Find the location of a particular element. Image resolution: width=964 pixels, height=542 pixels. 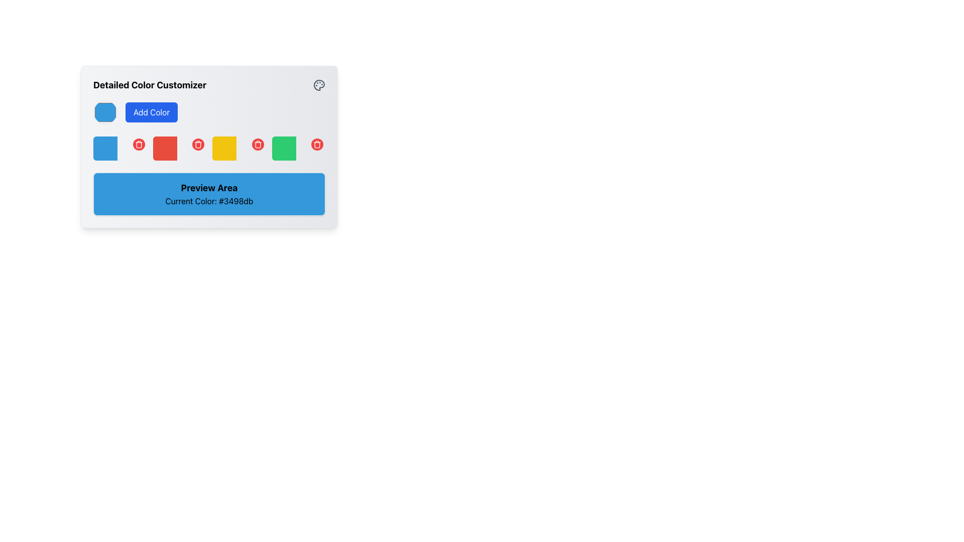

the delete button icon located next to the yellow color block in the center row of the interface is located at coordinates (198, 145).